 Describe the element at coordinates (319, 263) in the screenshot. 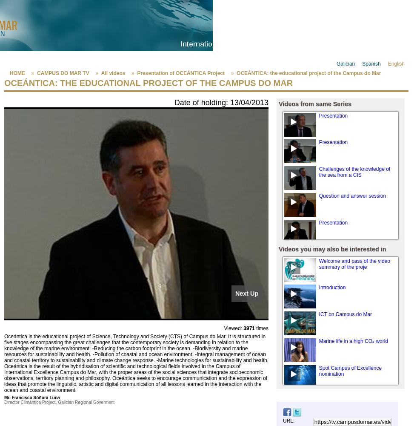

I see `'Welcome and pass of the video summary of the proje'` at that location.